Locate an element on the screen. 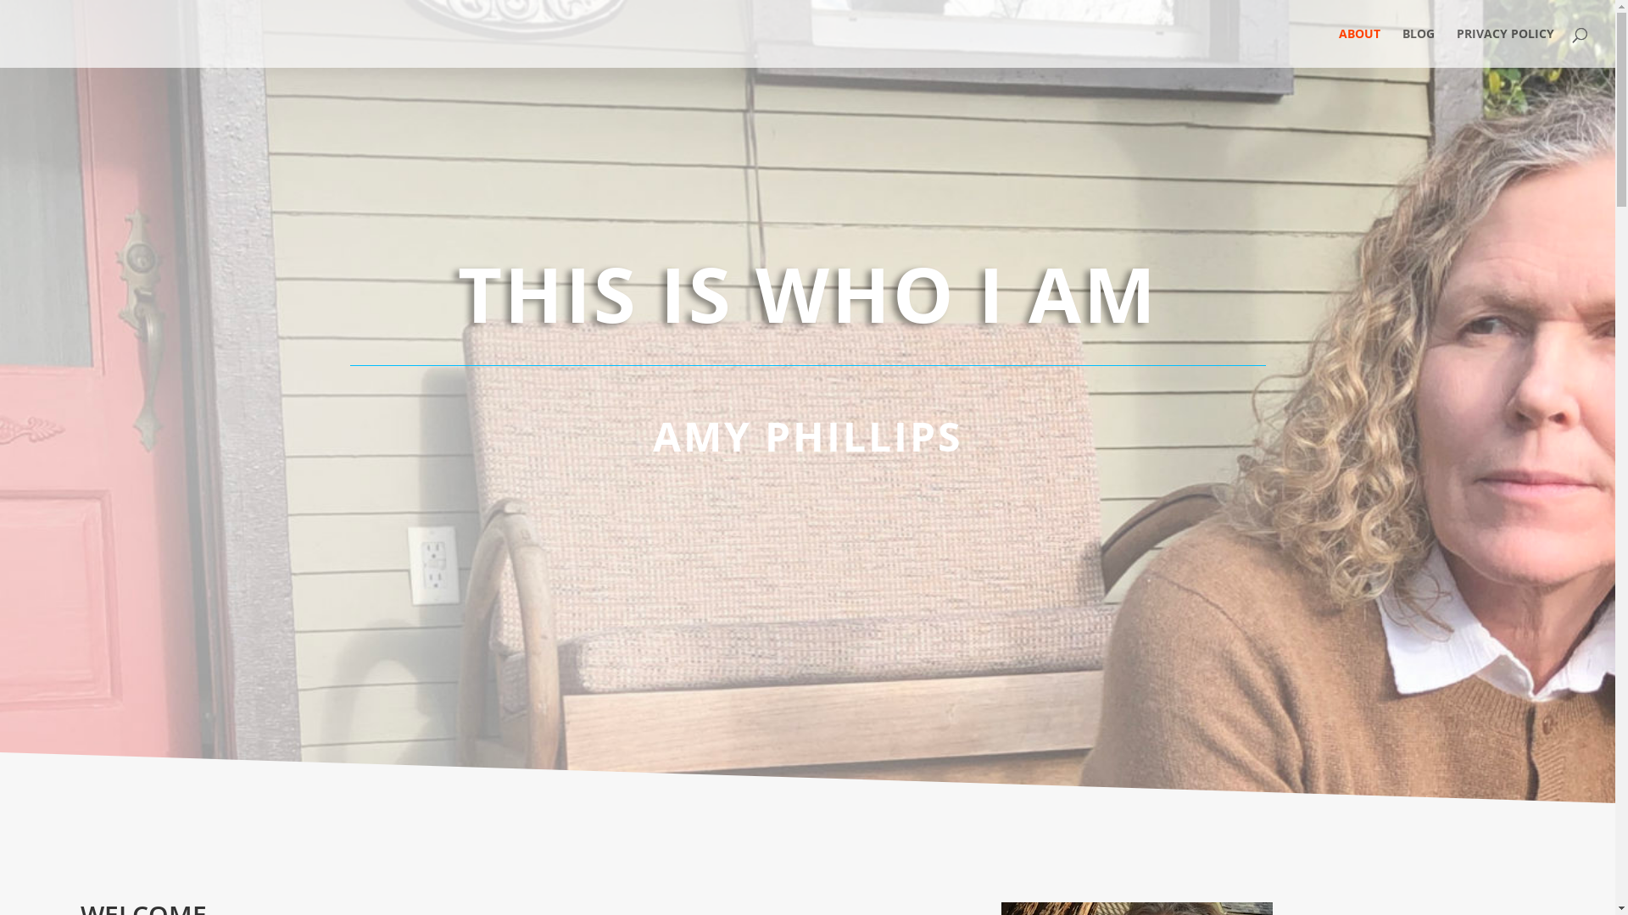 Image resolution: width=1628 pixels, height=915 pixels. 'BLOG' is located at coordinates (1419, 47).